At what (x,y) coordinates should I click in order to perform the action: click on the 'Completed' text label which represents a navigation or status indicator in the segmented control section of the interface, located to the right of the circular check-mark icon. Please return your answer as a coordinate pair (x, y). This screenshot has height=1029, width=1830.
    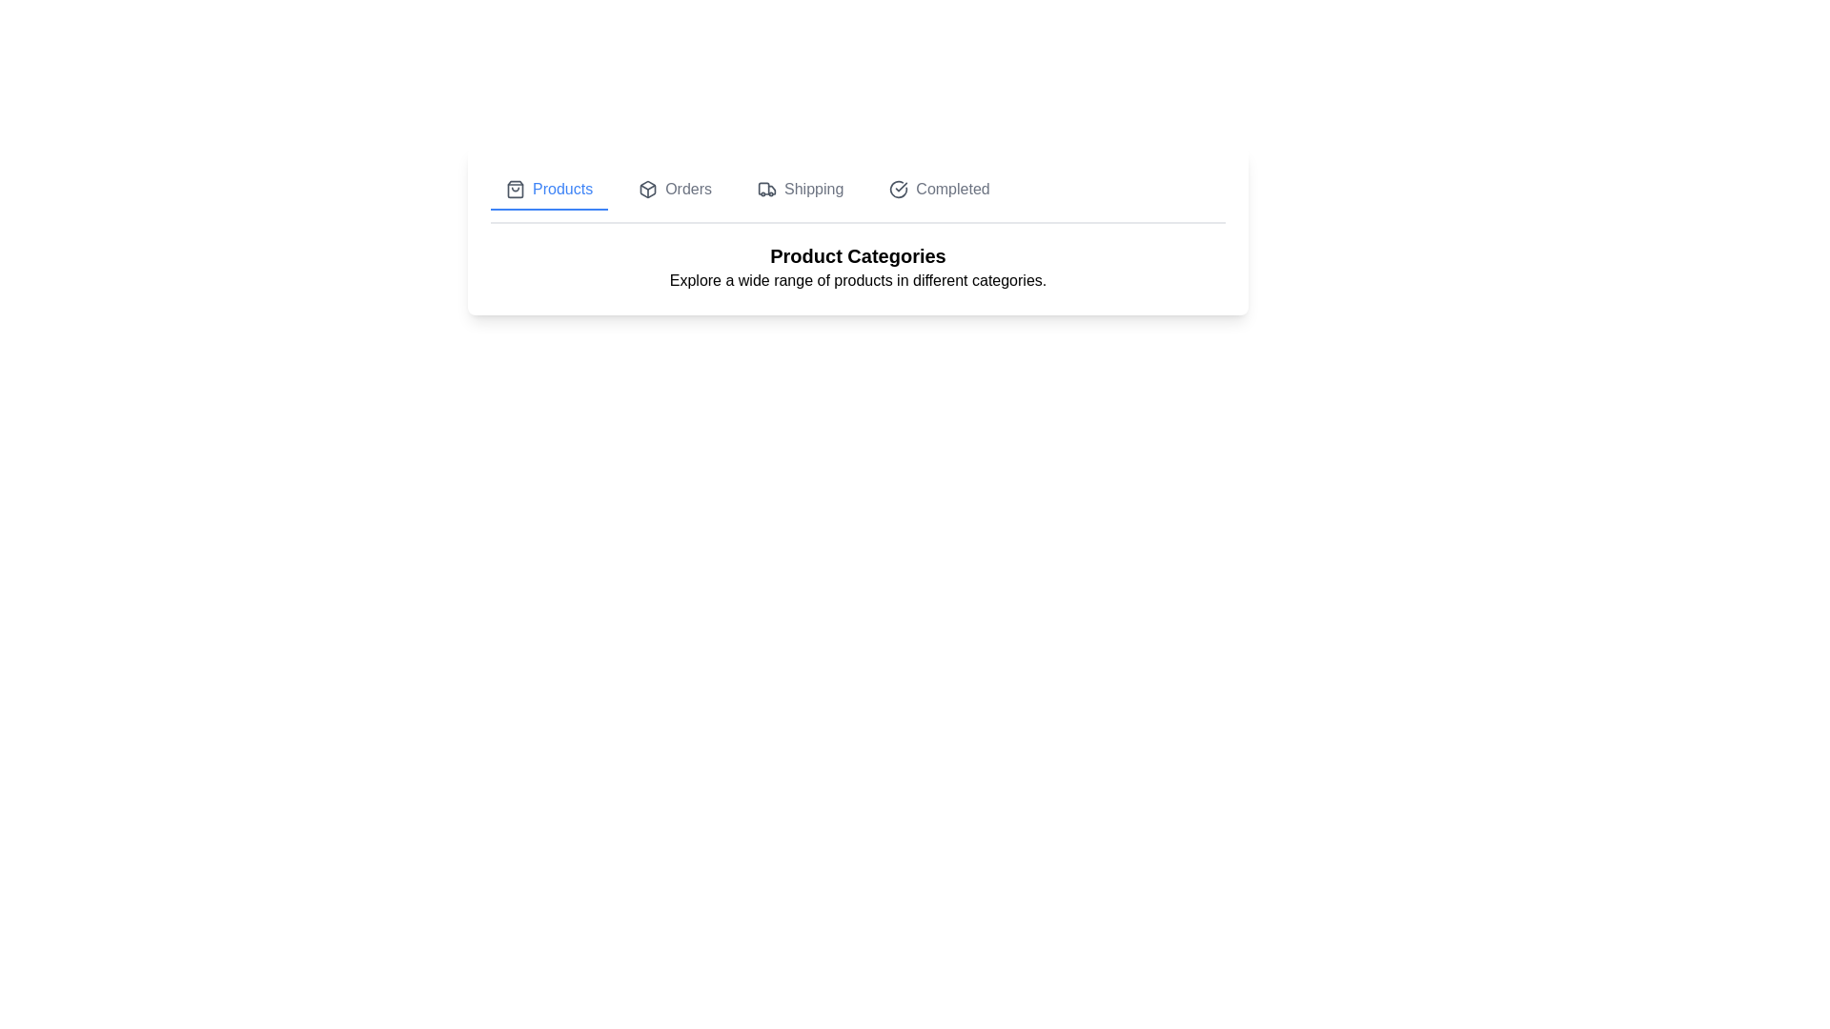
    Looking at the image, I should click on (952, 190).